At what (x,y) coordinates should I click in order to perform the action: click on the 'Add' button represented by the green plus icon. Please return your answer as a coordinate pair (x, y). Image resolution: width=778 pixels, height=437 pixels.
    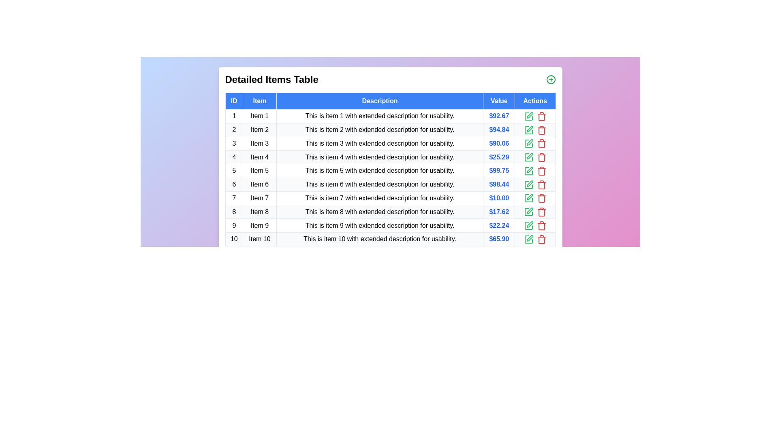
    Looking at the image, I should click on (551, 79).